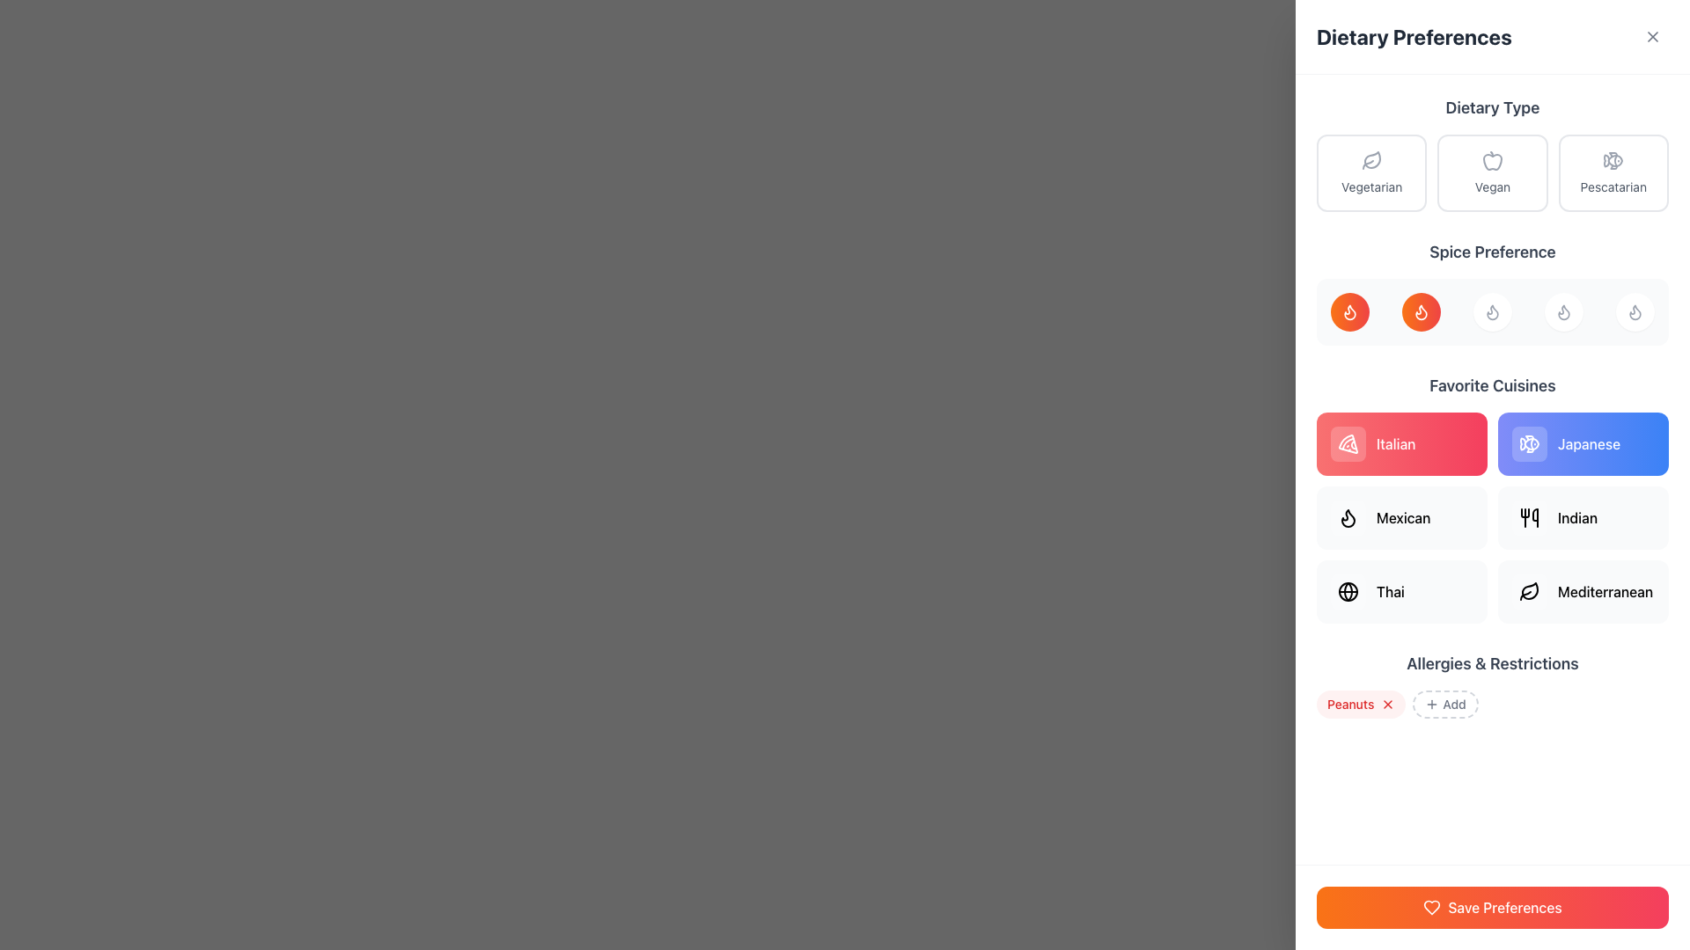 This screenshot has height=950, width=1690. I want to click on the selectable card indicating the 'Vegan' dietary preference located in the 'Dietary Preferences' dialog box under the 'Dietary Type' header, so click(1491, 172).